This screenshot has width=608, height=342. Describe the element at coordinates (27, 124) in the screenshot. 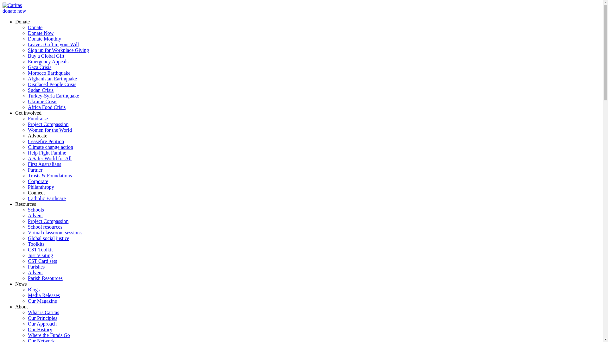

I see `'Project Compassion'` at that location.